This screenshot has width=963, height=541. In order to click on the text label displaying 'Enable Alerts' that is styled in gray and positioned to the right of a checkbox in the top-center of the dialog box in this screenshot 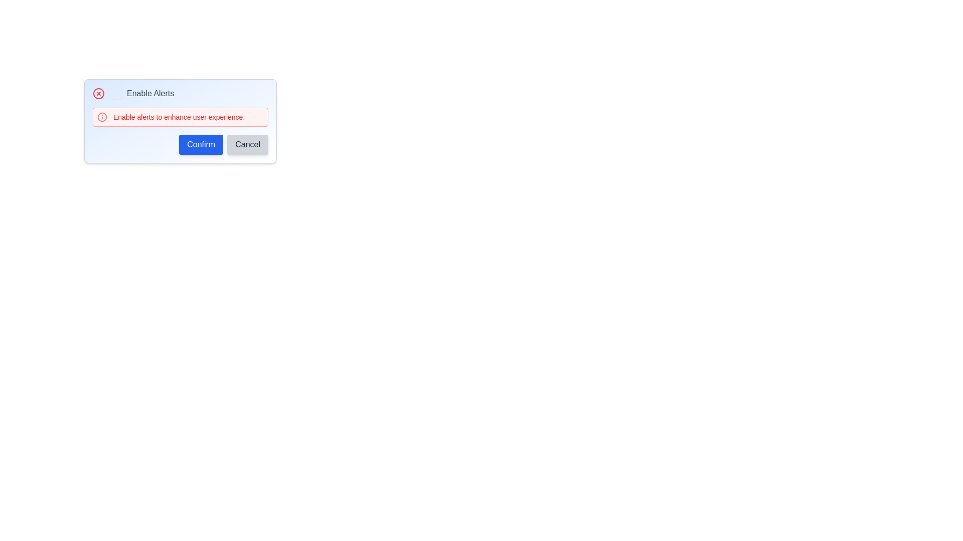, I will do `click(150, 93)`.